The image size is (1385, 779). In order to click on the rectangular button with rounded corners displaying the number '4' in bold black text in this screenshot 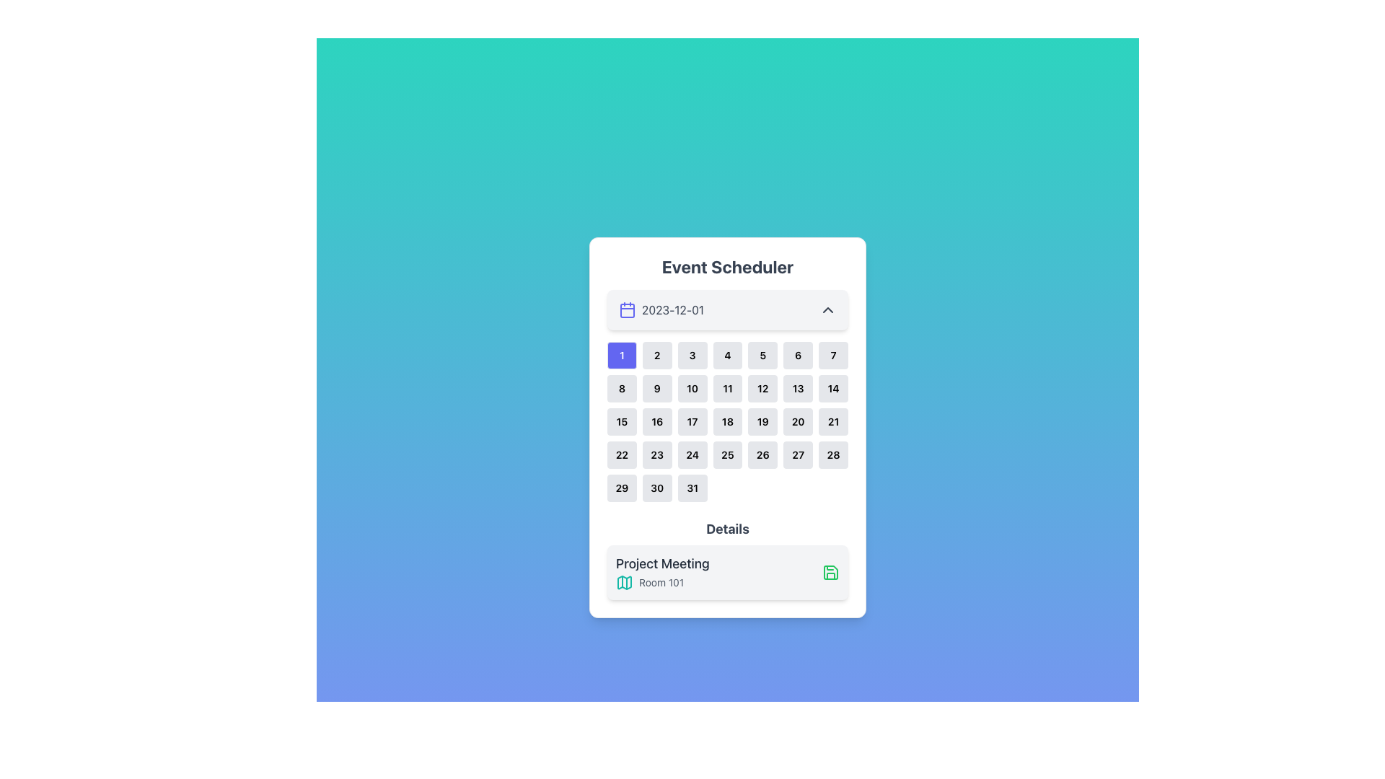, I will do `click(727, 356)`.